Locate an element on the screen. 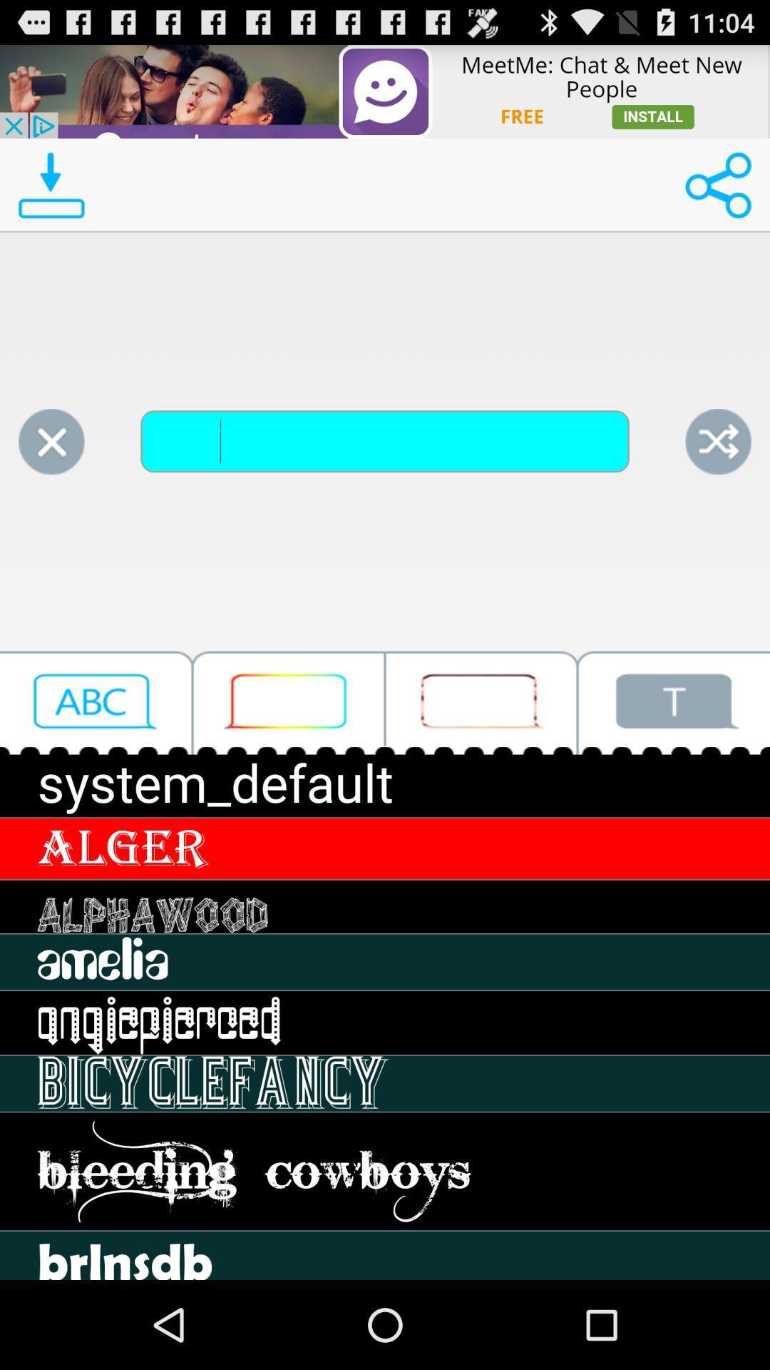  t is located at coordinates (674, 703).